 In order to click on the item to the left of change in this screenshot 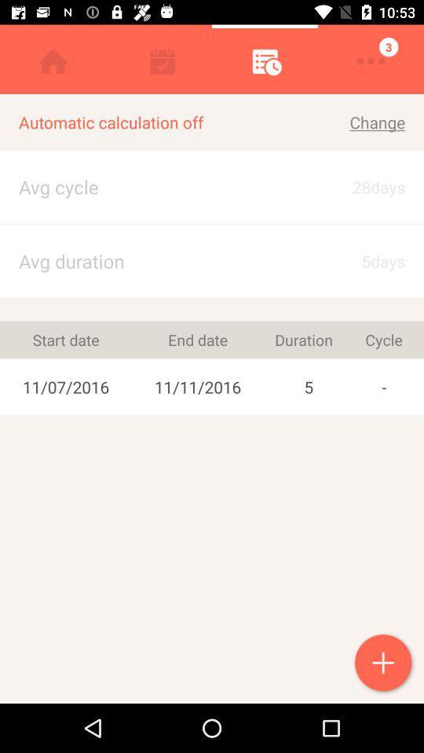, I will do `click(148, 187)`.